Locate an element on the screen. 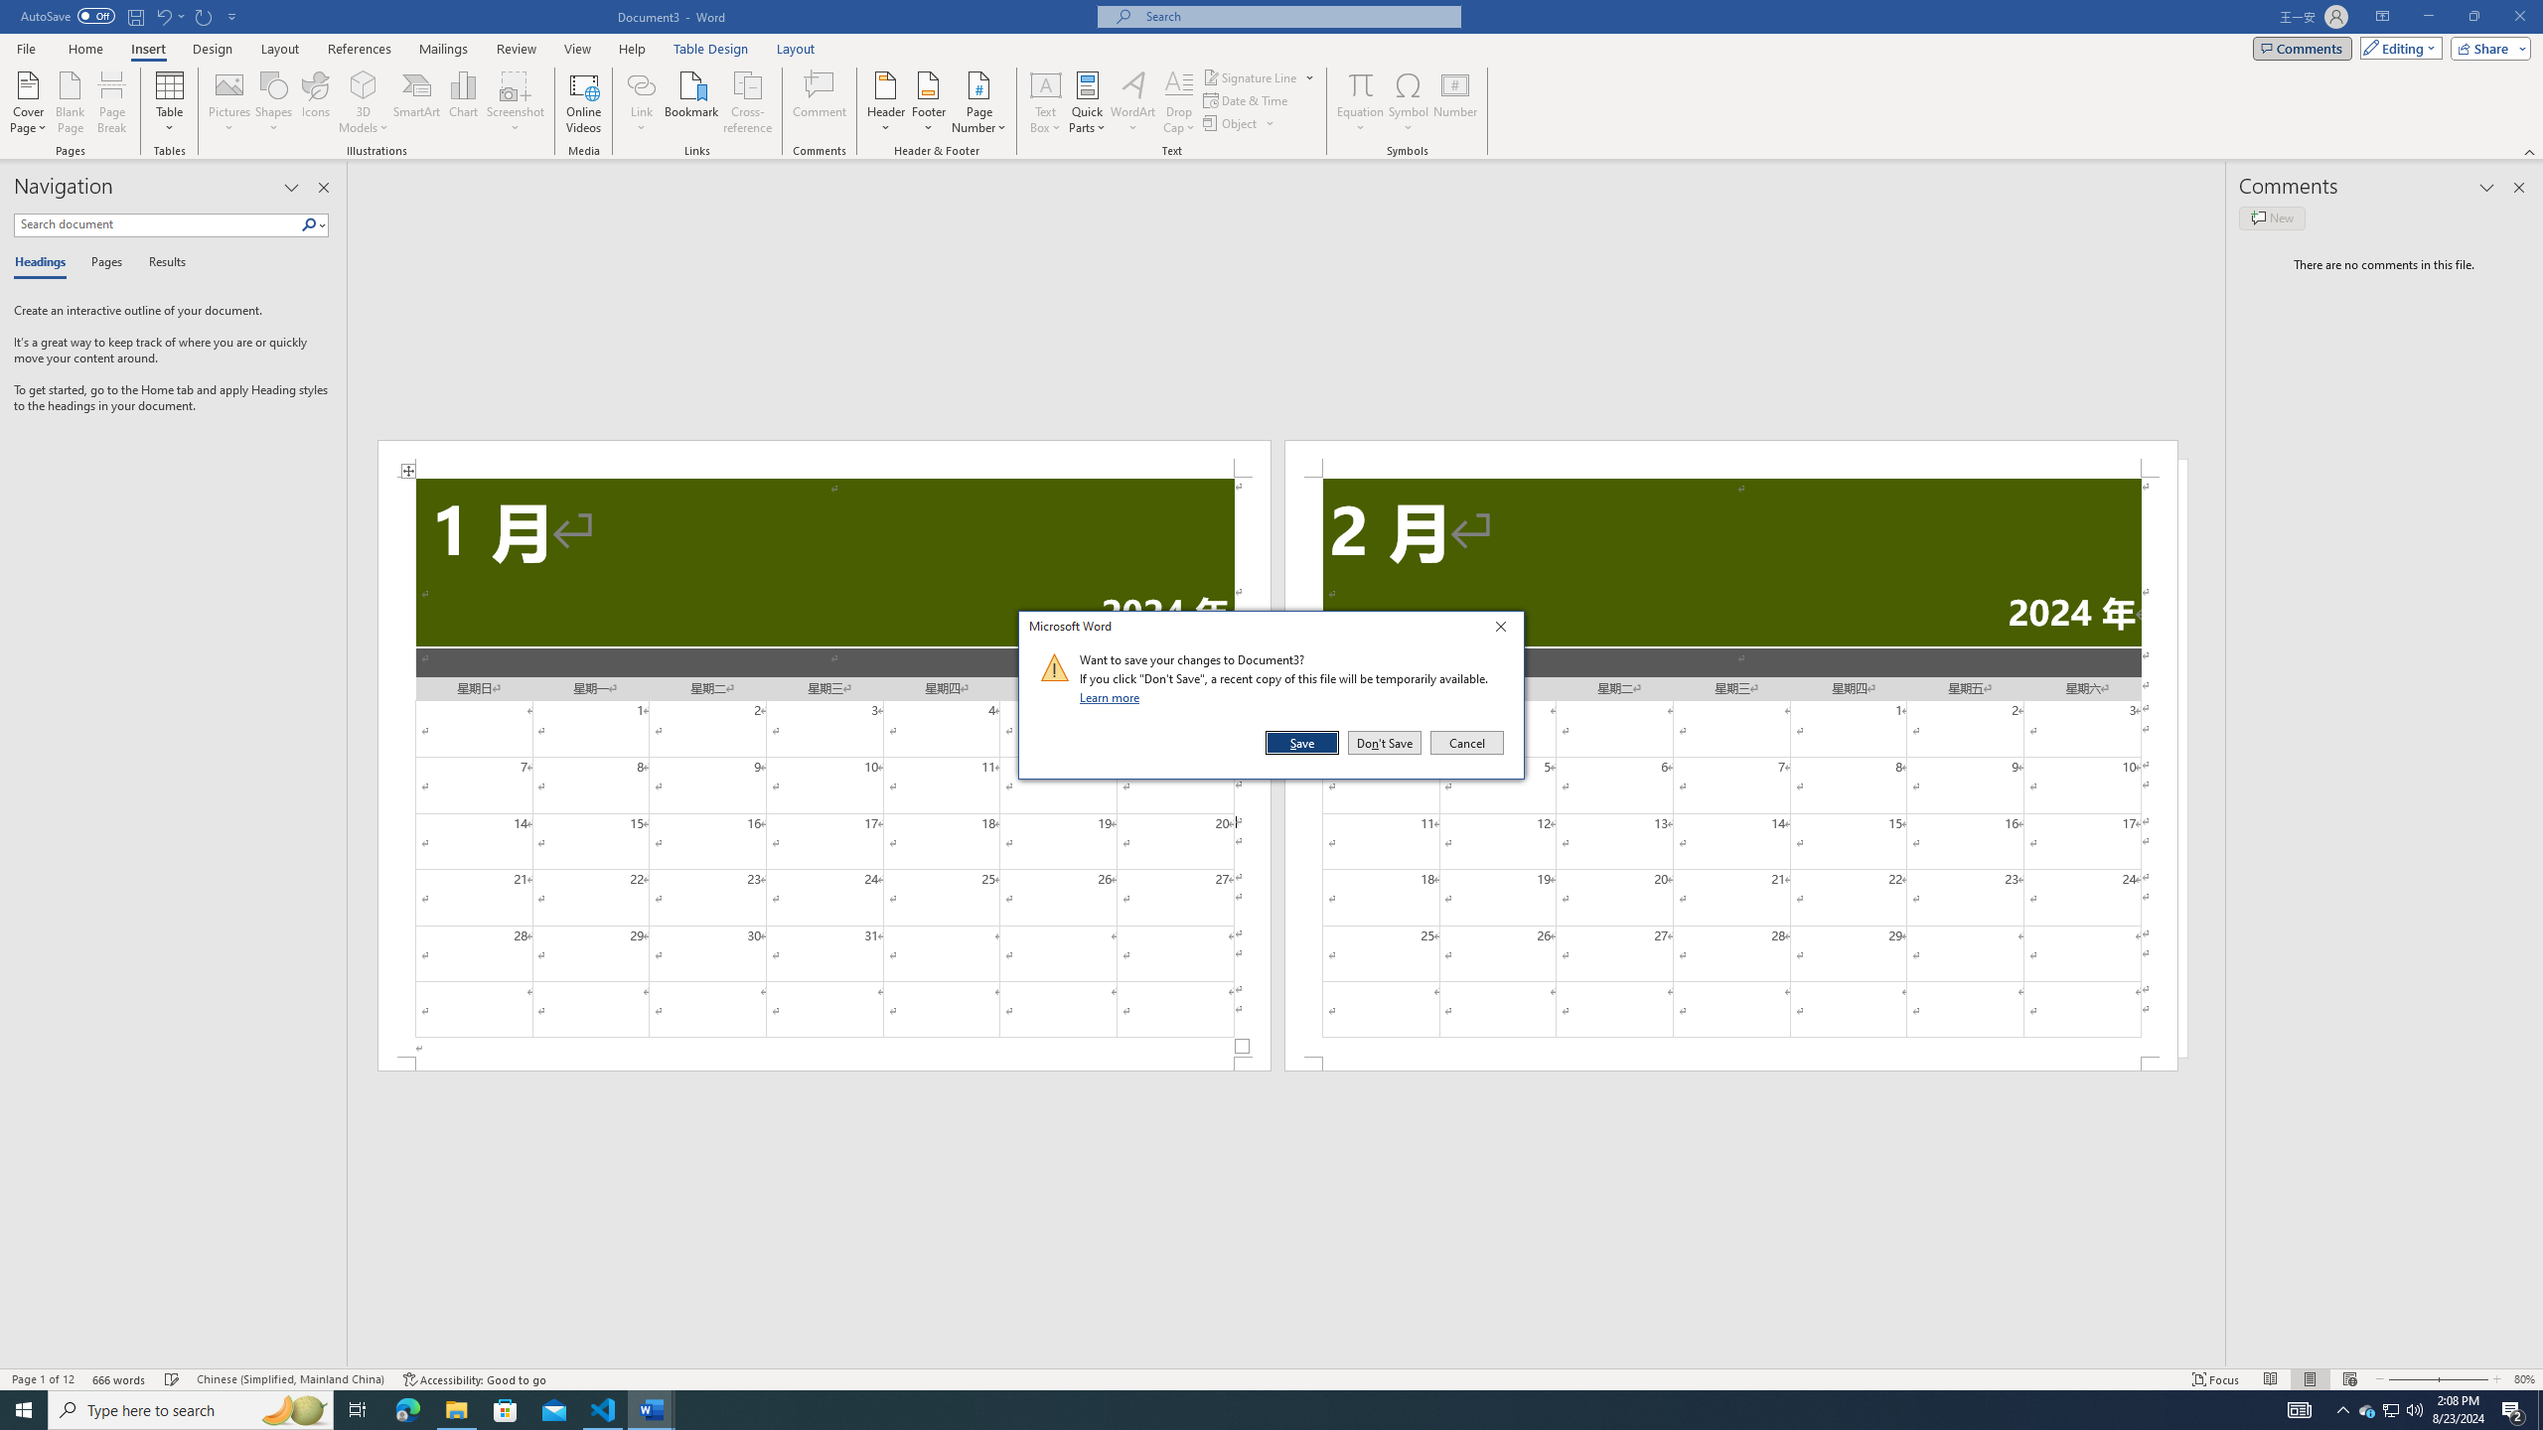 This screenshot has height=1430, width=2543. 'Cancel' is located at coordinates (1465, 742).